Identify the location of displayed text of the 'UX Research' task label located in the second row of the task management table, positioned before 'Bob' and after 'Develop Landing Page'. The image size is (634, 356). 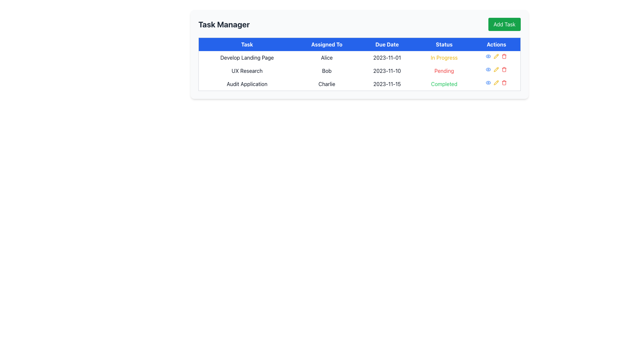
(247, 71).